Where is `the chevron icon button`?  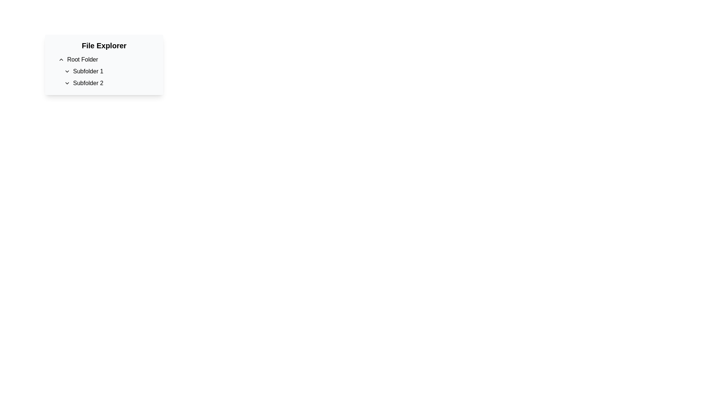 the chevron icon button is located at coordinates (61, 59).